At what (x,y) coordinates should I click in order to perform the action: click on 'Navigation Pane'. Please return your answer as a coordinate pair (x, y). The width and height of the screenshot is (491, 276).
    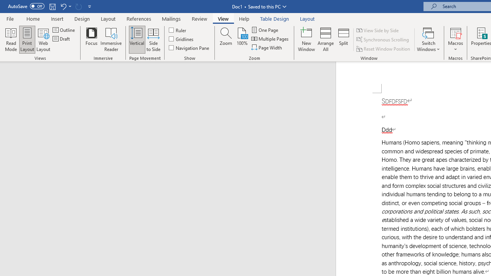
    Looking at the image, I should click on (189, 48).